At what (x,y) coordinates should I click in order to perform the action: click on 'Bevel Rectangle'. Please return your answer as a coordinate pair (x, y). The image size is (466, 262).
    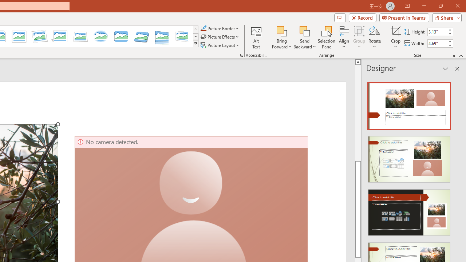
    Looking at the image, I should click on (121, 36).